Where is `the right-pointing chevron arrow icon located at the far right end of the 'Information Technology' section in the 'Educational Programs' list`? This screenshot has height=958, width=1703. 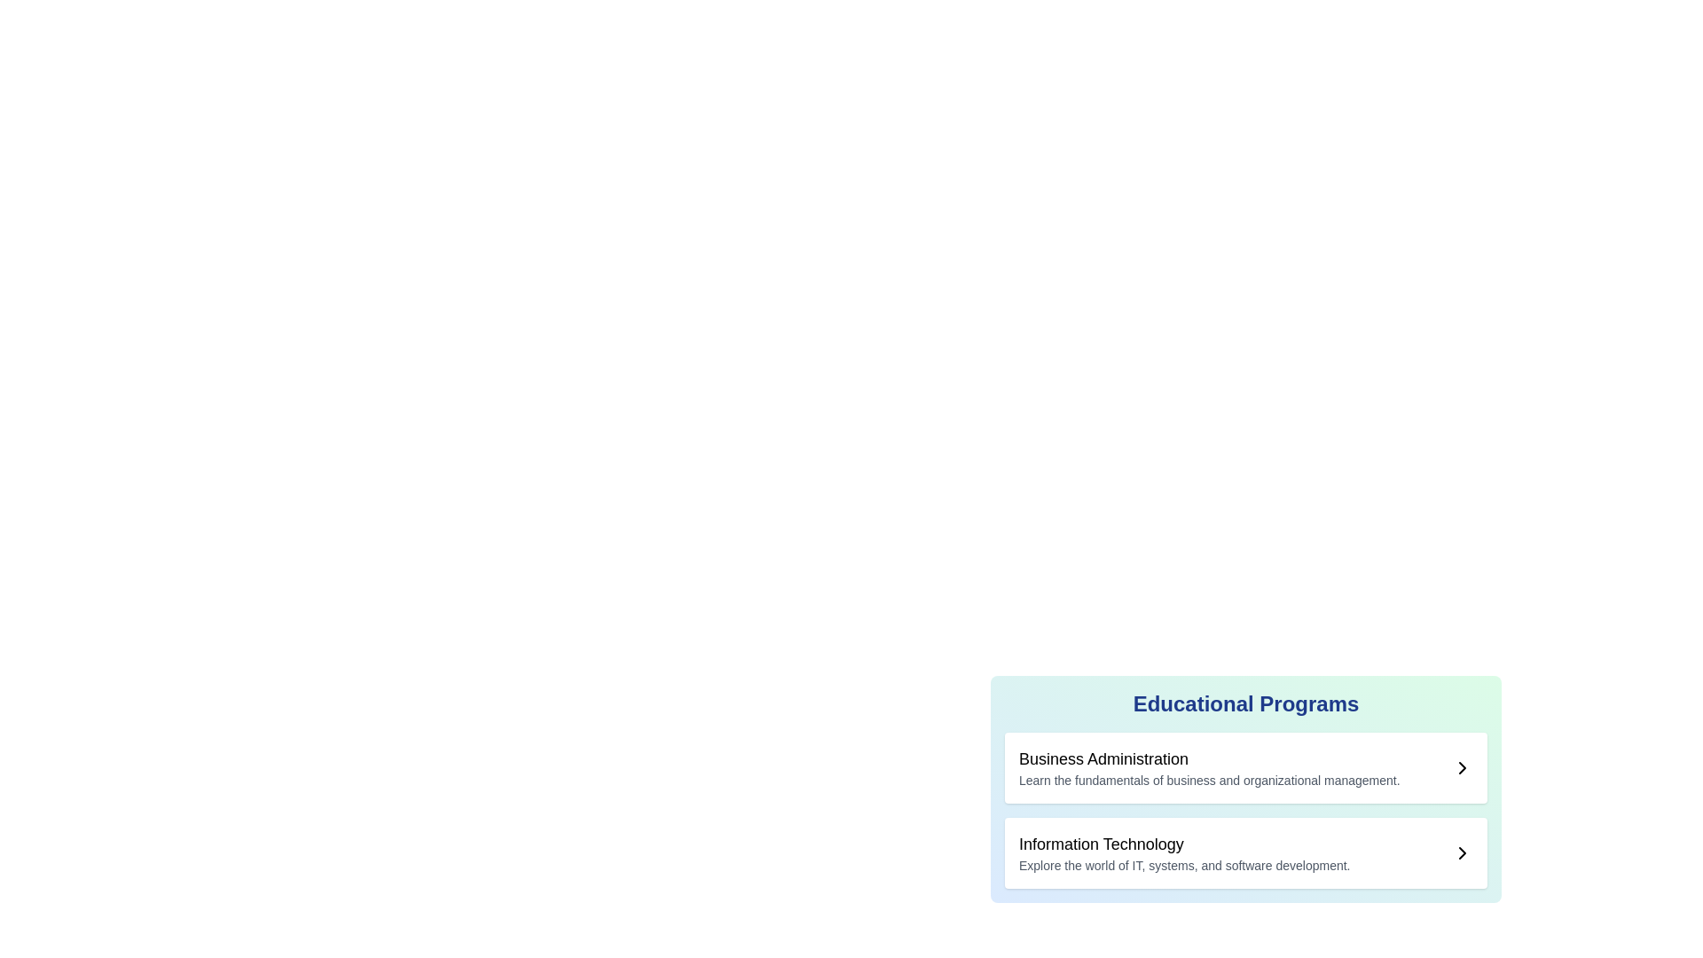 the right-pointing chevron arrow icon located at the far right end of the 'Information Technology' section in the 'Educational Programs' list is located at coordinates (1463, 852).